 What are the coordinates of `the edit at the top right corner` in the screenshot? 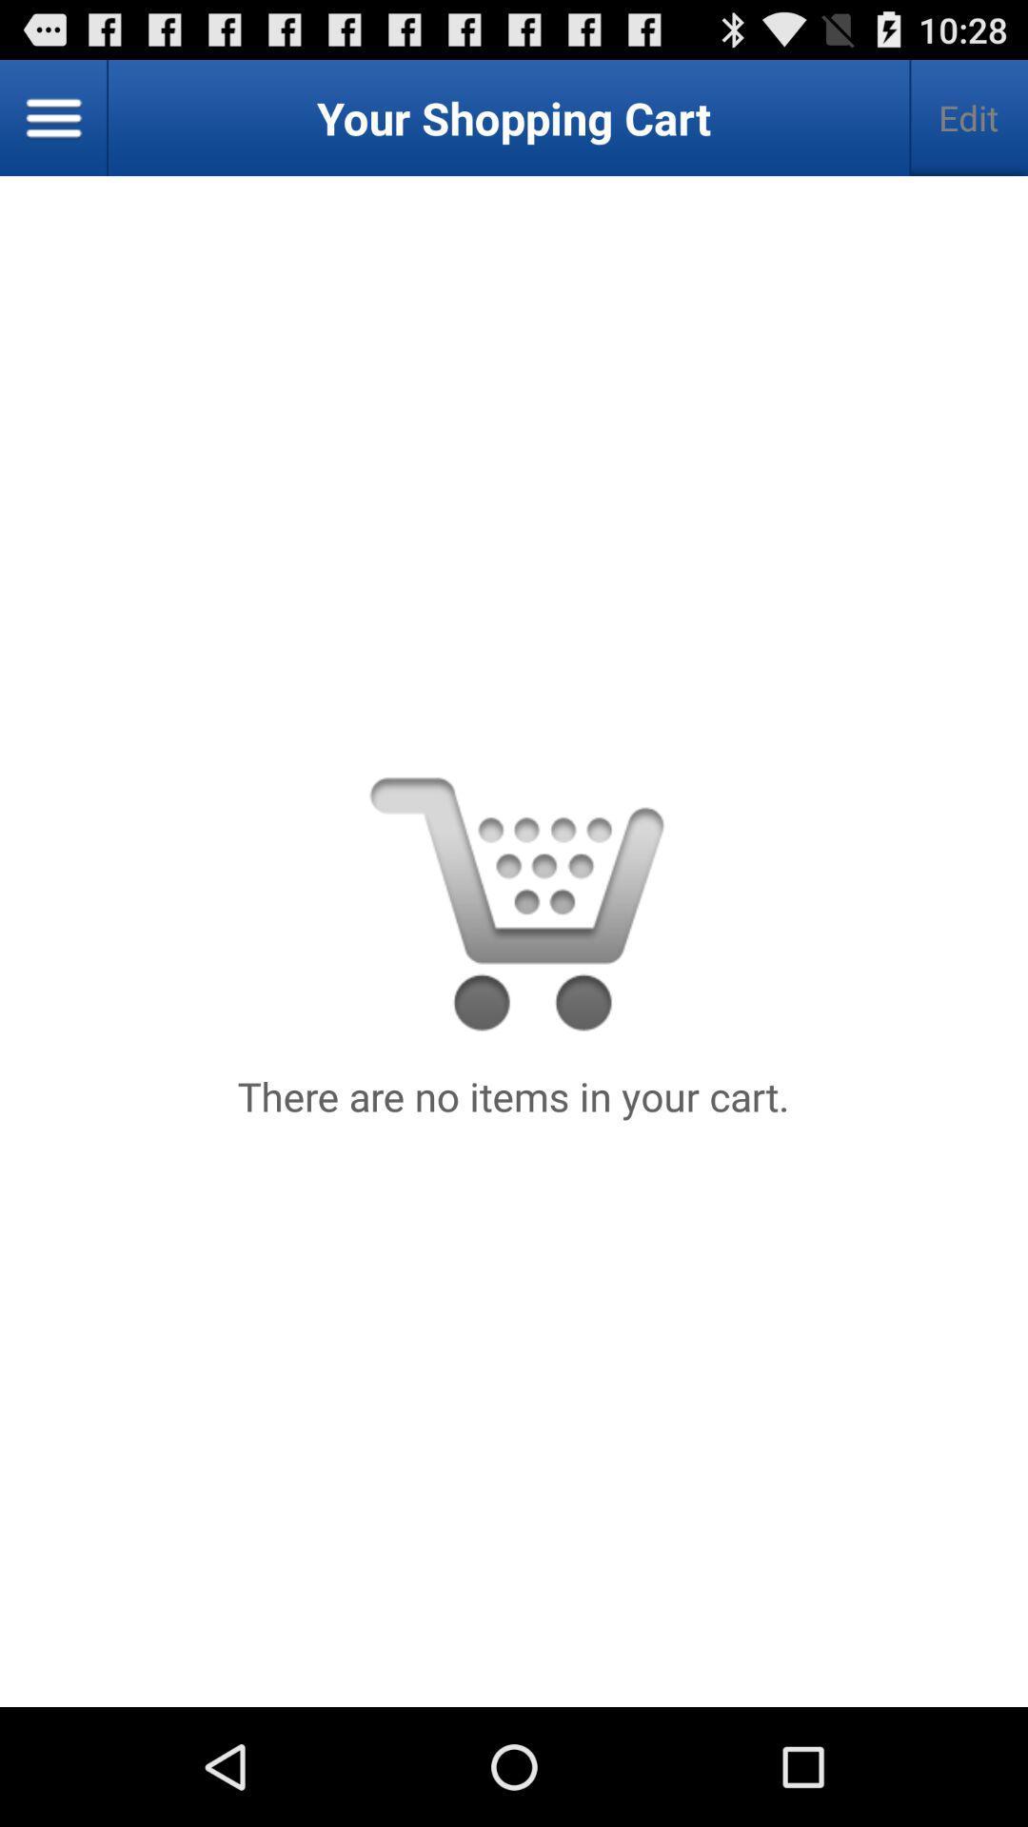 It's located at (968, 117).